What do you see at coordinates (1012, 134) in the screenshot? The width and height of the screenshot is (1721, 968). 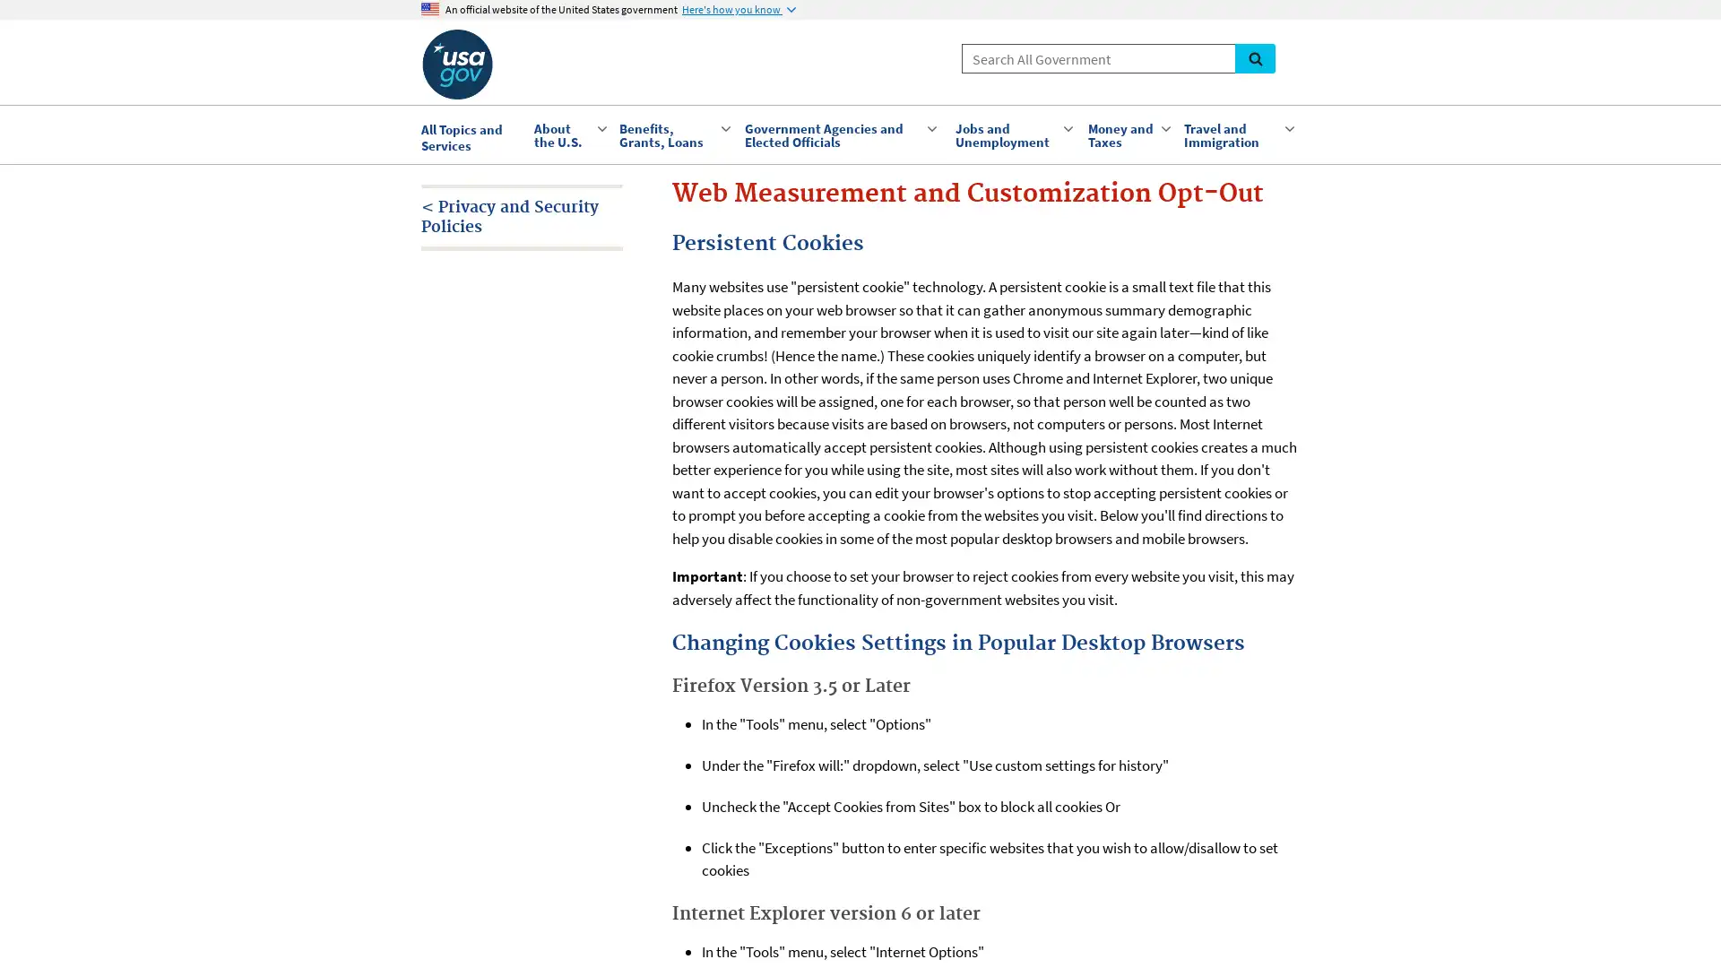 I see `Jobs and Unemployment` at bounding box center [1012, 134].